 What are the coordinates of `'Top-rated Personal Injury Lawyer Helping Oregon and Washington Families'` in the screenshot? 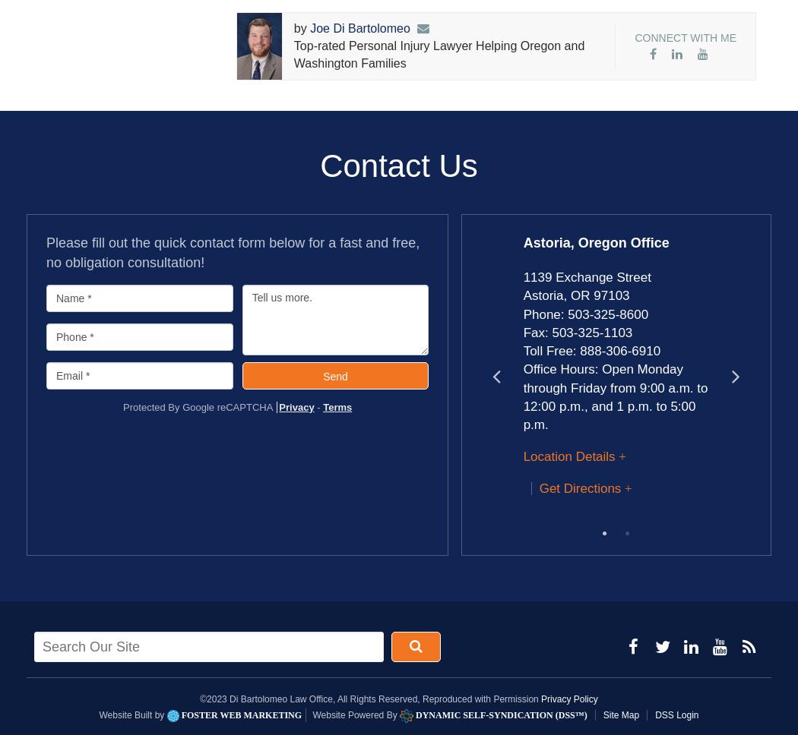 It's located at (438, 54).